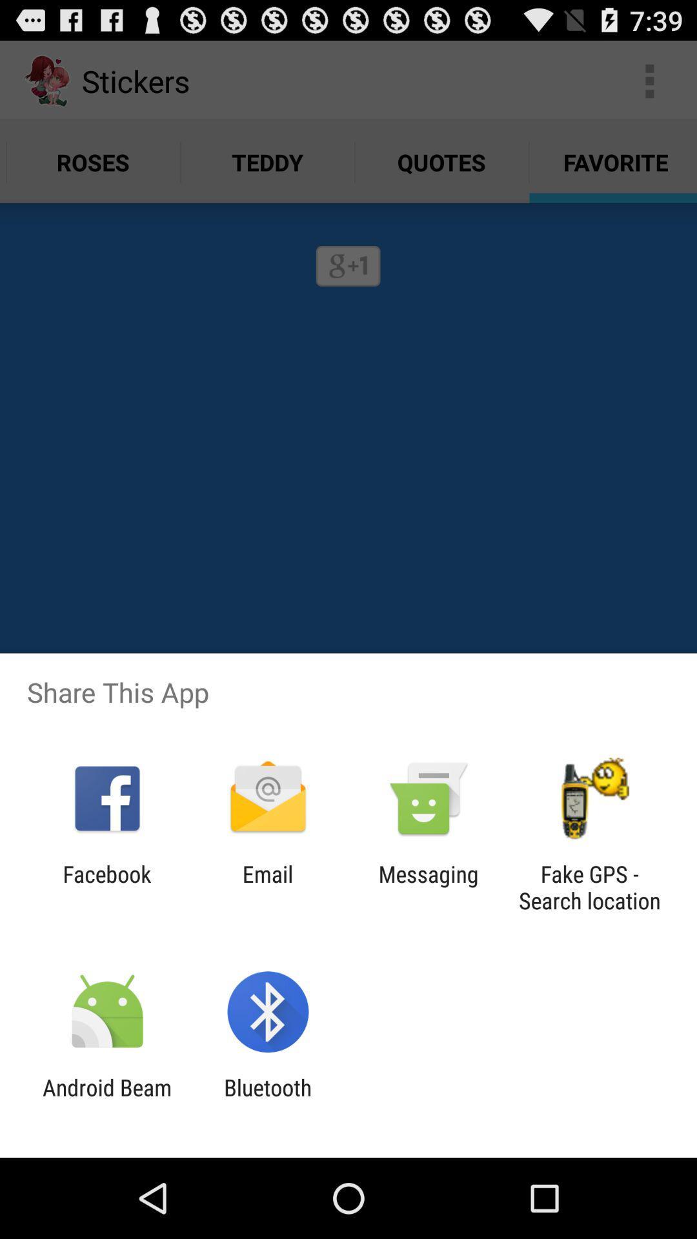 The width and height of the screenshot is (697, 1239). What do you see at coordinates (267, 1100) in the screenshot?
I see `the item to the right of android beam` at bounding box center [267, 1100].